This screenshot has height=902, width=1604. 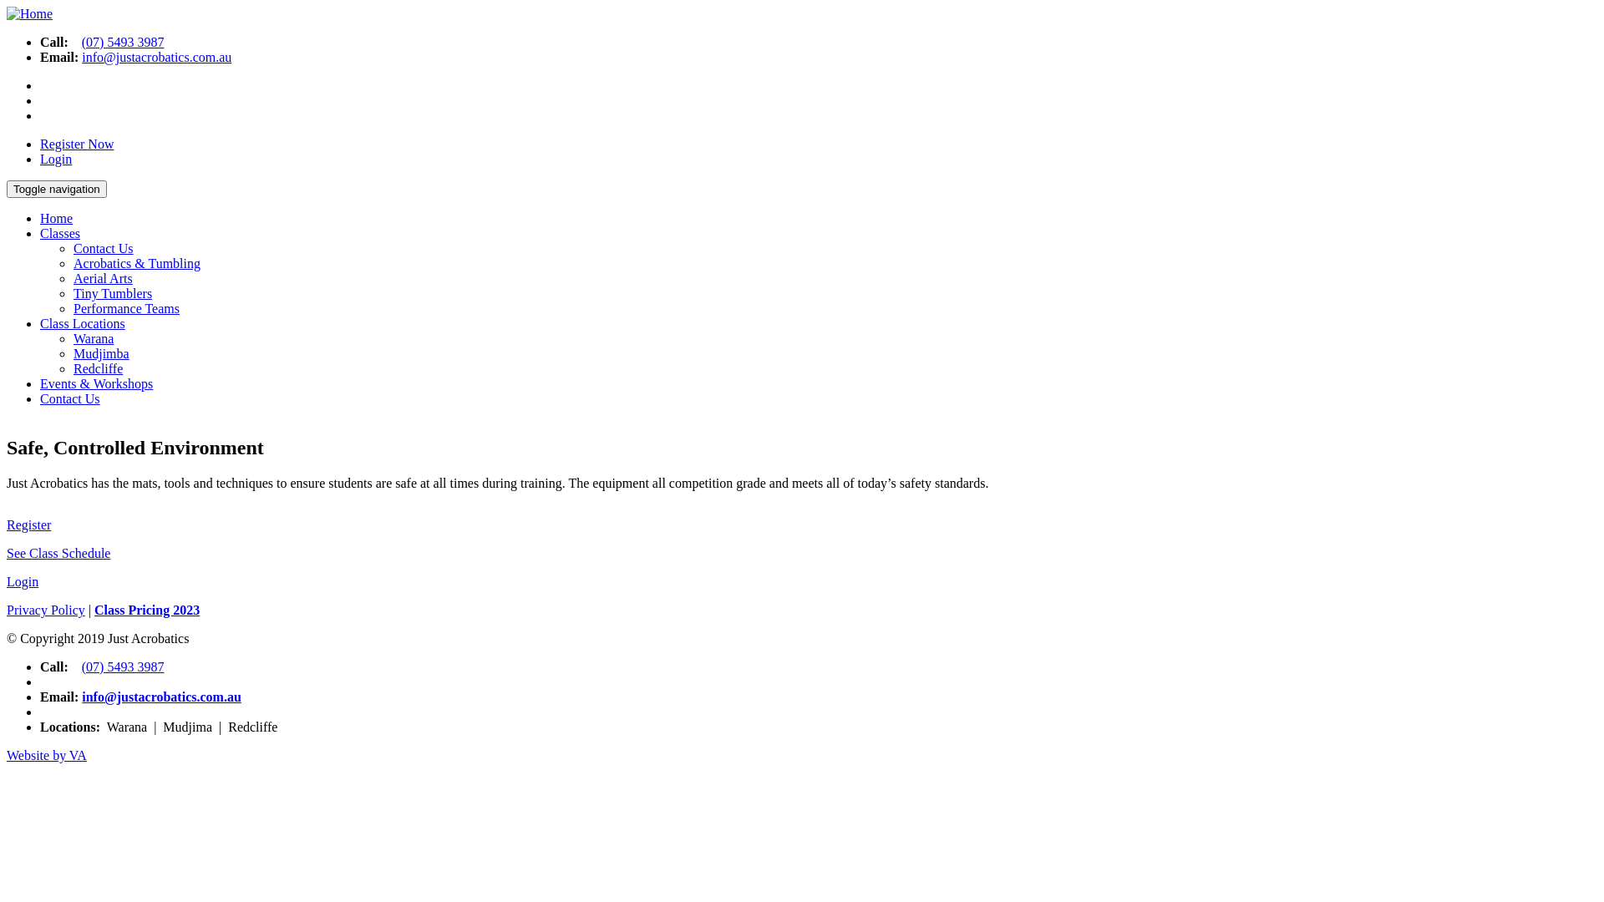 I want to click on 'Toggle navigation', so click(x=7, y=188).